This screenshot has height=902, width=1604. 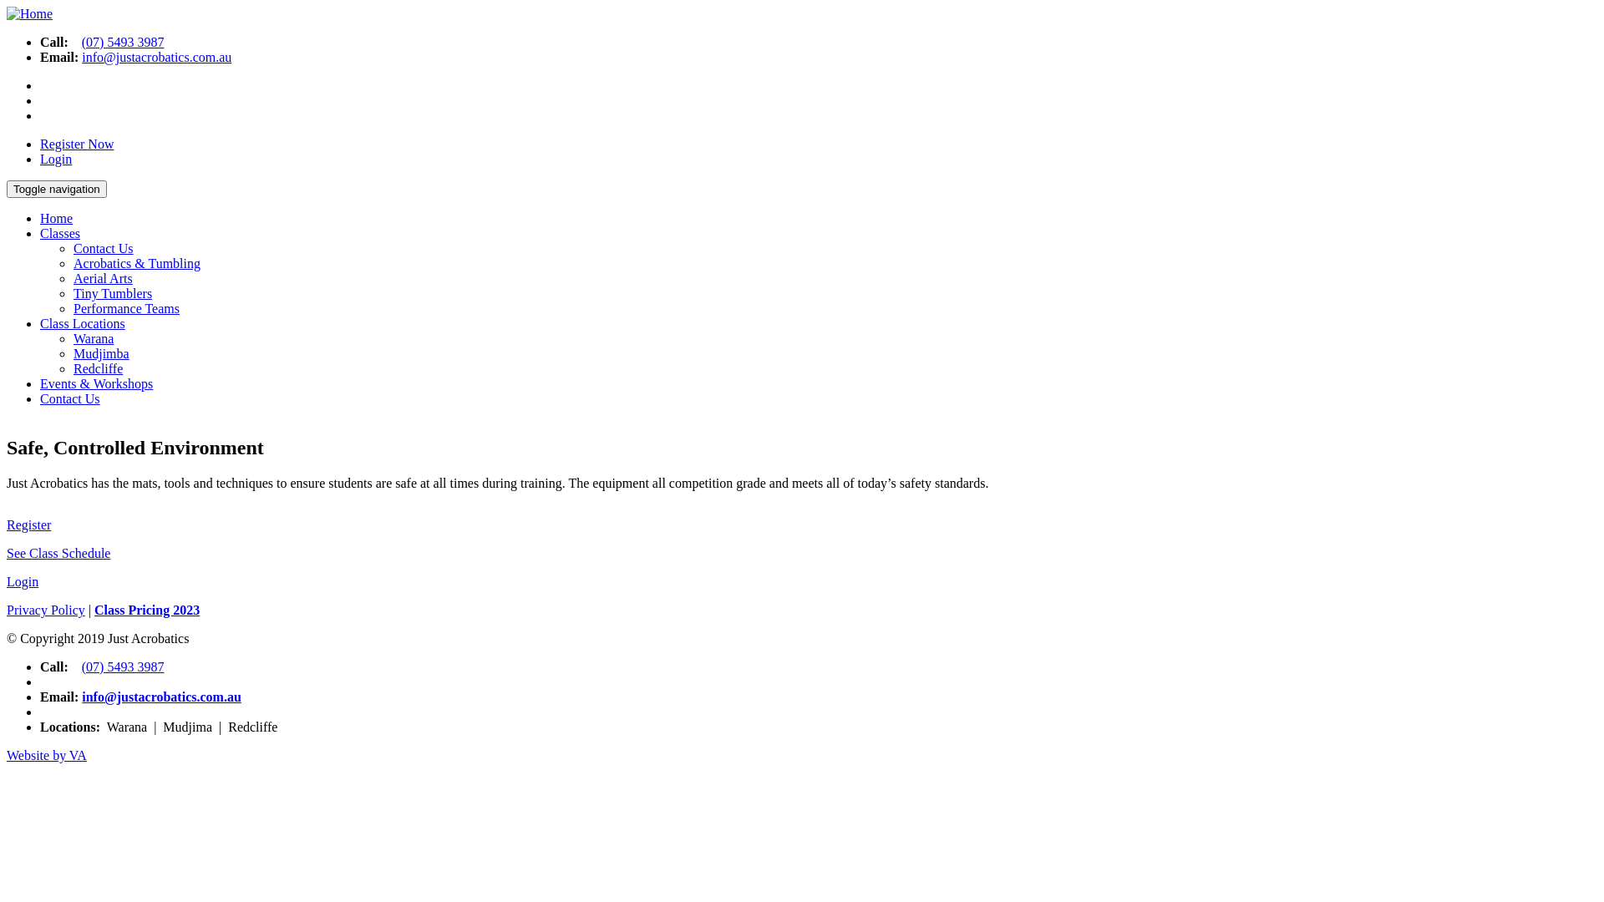 I want to click on 'Toggle navigation', so click(x=7, y=188).